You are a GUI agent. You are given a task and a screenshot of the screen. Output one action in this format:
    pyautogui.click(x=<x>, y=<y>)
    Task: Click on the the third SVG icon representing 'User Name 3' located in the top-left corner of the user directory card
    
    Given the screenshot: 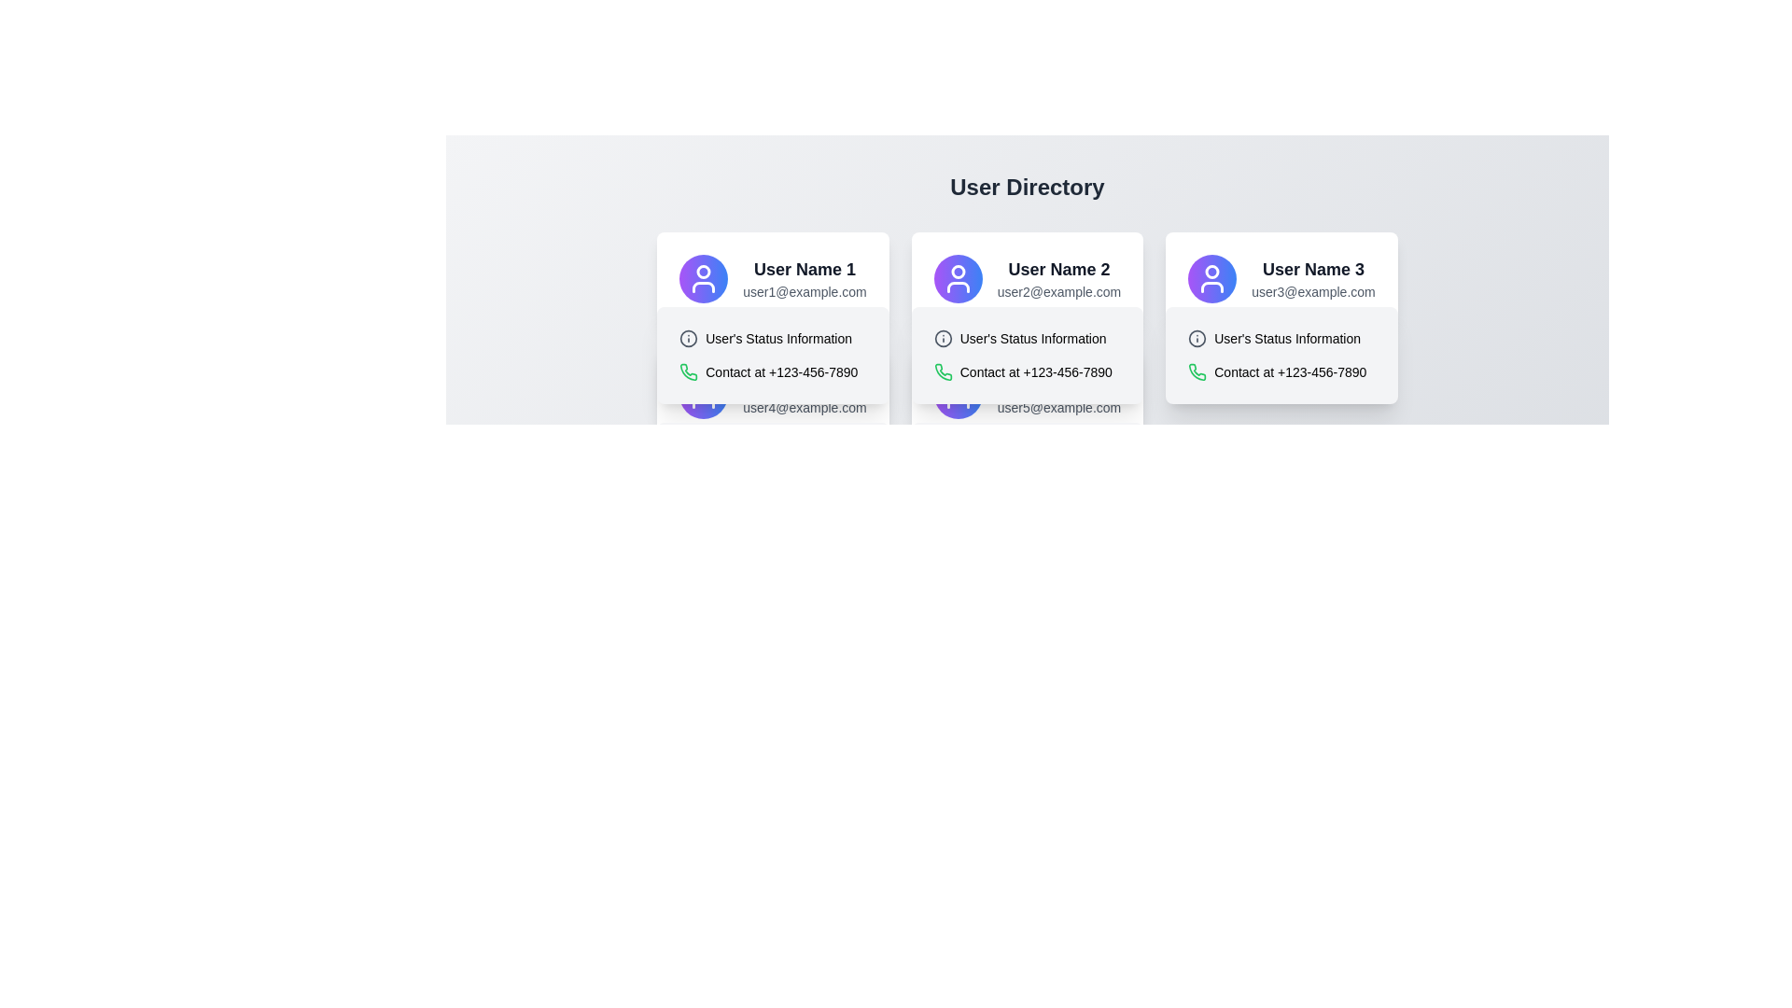 What is the action you would take?
    pyautogui.click(x=1212, y=279)
    